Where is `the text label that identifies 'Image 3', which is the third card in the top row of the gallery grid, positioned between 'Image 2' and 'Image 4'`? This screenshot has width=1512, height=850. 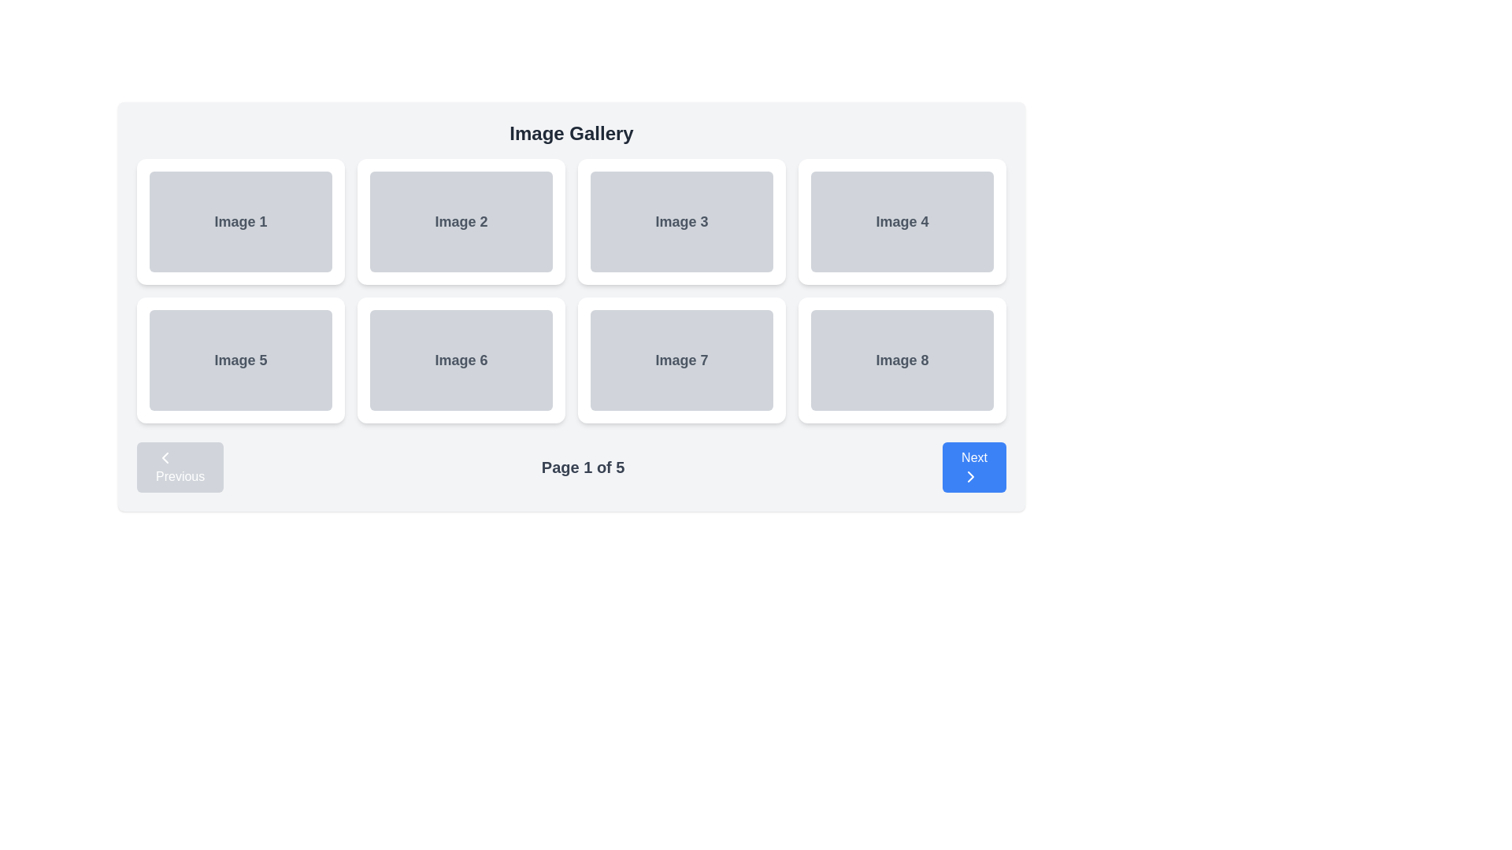 the text label that identifies 'Image 3', which is the third card in the top row of the gallery grid, positioned between 'Image 2' and 'Image 4' is located at coordinates (681, 221).